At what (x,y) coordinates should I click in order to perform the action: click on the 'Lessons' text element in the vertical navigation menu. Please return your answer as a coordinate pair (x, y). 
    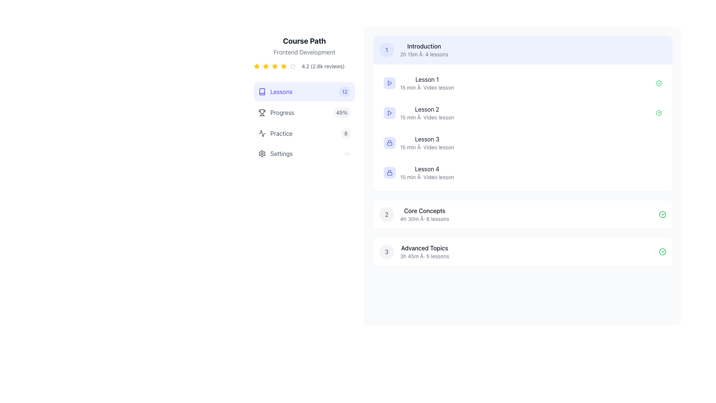
    Looking at the image, I should click on (281, 91).